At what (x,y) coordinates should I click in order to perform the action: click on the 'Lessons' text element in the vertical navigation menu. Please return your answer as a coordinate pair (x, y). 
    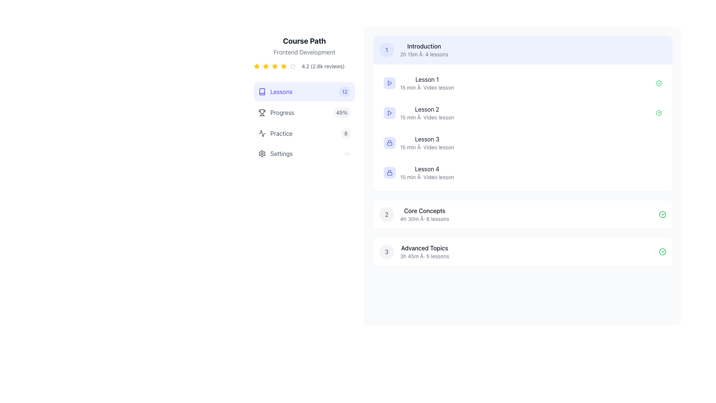
    Looking at the image, I should click on (281, 91).